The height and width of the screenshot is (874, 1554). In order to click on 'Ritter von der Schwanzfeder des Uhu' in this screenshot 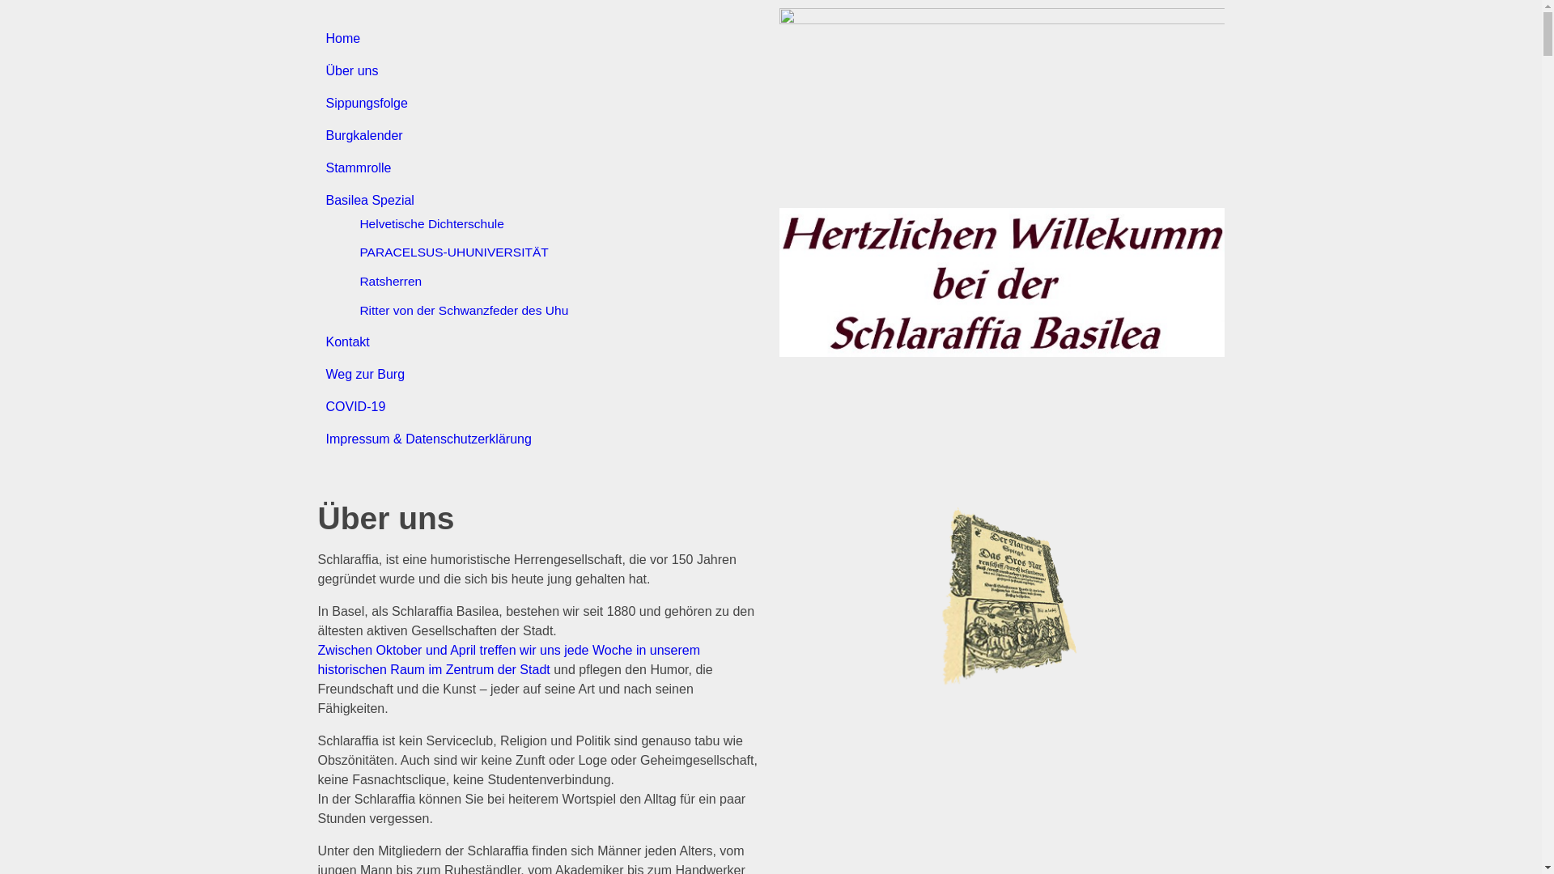, I will do `click(462, 310)`.